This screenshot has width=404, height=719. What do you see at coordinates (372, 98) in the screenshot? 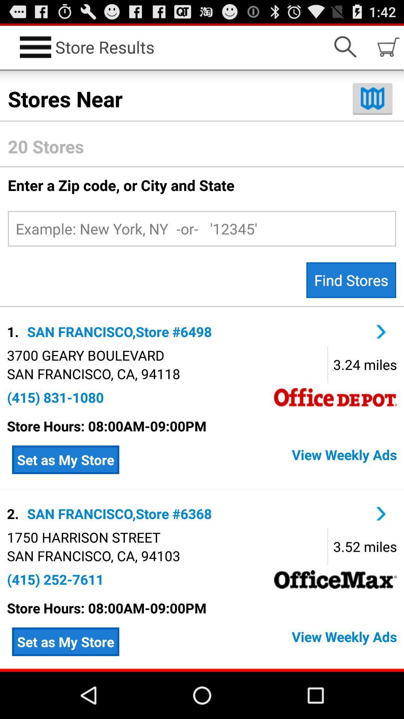
I see `open map` at bounding box center [372, 98].